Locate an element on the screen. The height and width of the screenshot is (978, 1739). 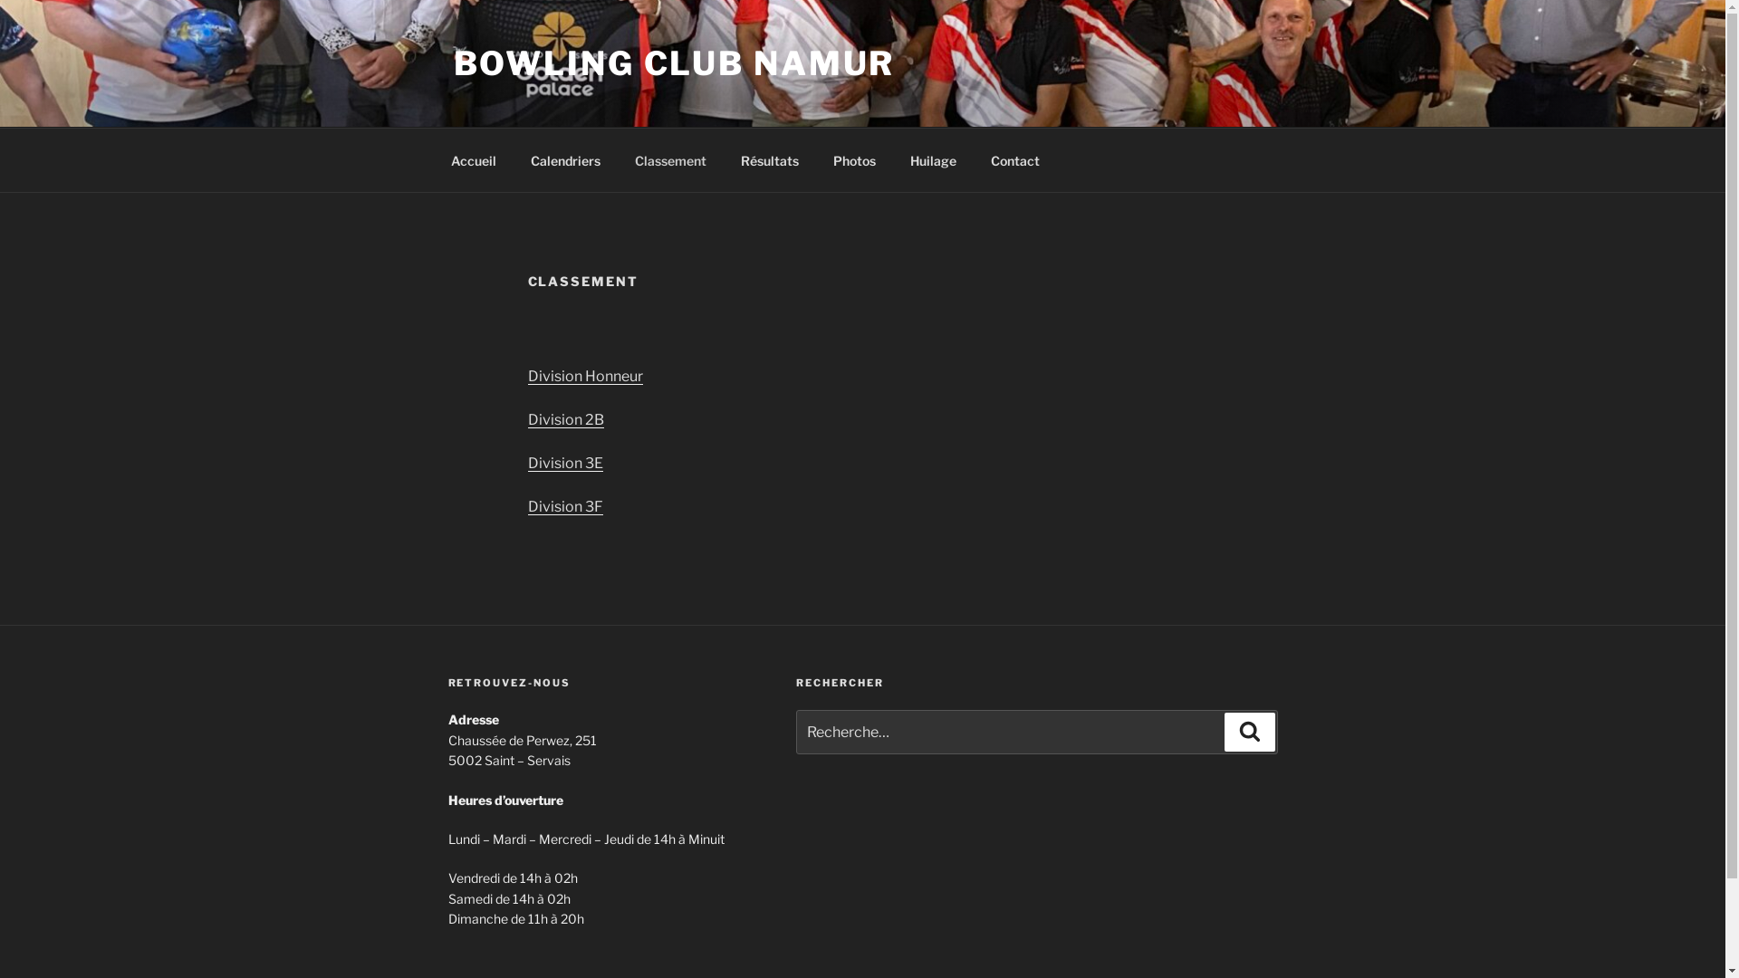
'Huilage' is located at coordinates (934, 158).